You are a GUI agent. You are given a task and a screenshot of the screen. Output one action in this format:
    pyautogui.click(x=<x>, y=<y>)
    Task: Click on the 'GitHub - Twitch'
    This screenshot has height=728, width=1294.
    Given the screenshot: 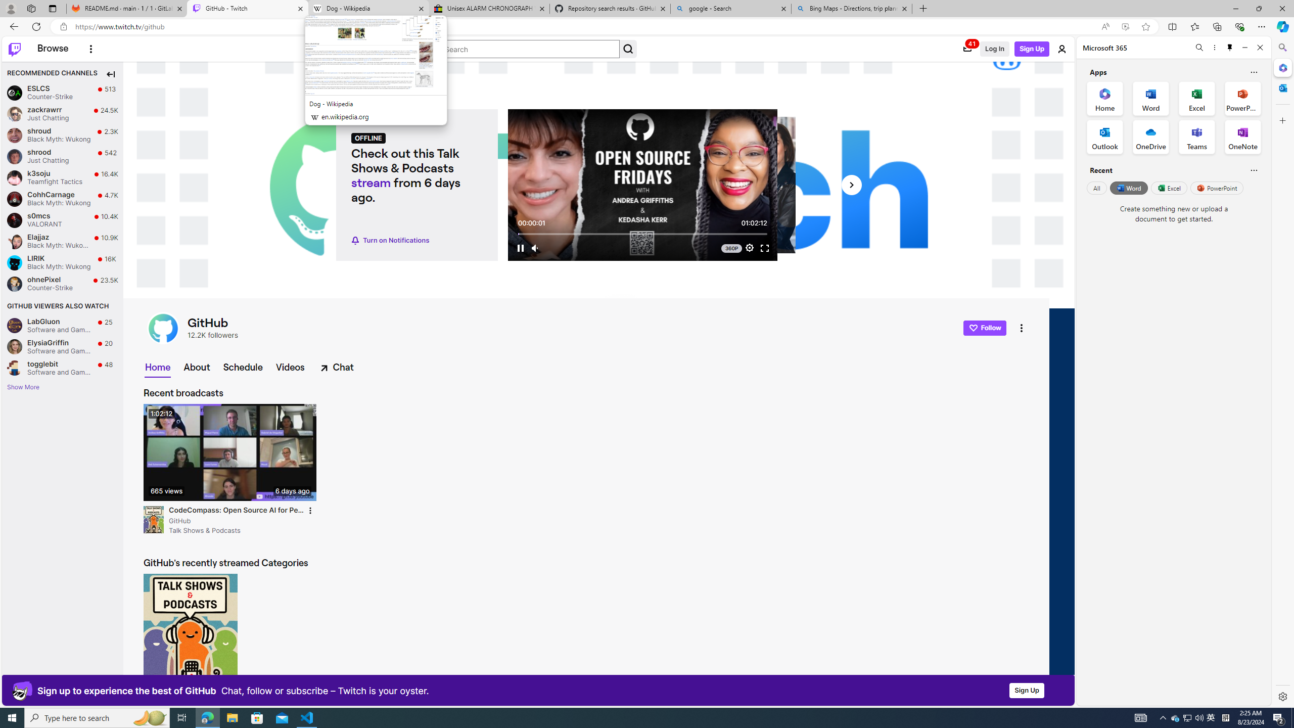 What is the action you would take?
    pyautogui.click(x=247, y=8)
    